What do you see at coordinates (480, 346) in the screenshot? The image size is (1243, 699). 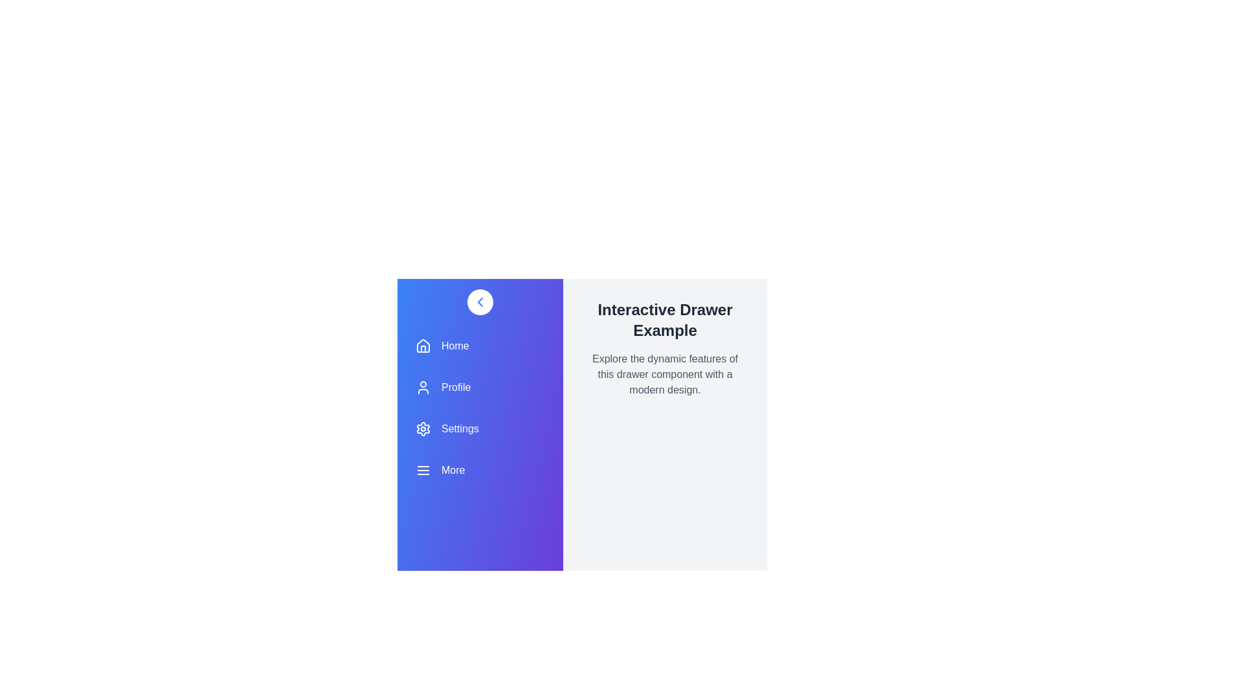 I see `the navigation item labeled Home` at bounding box center [480, 346].